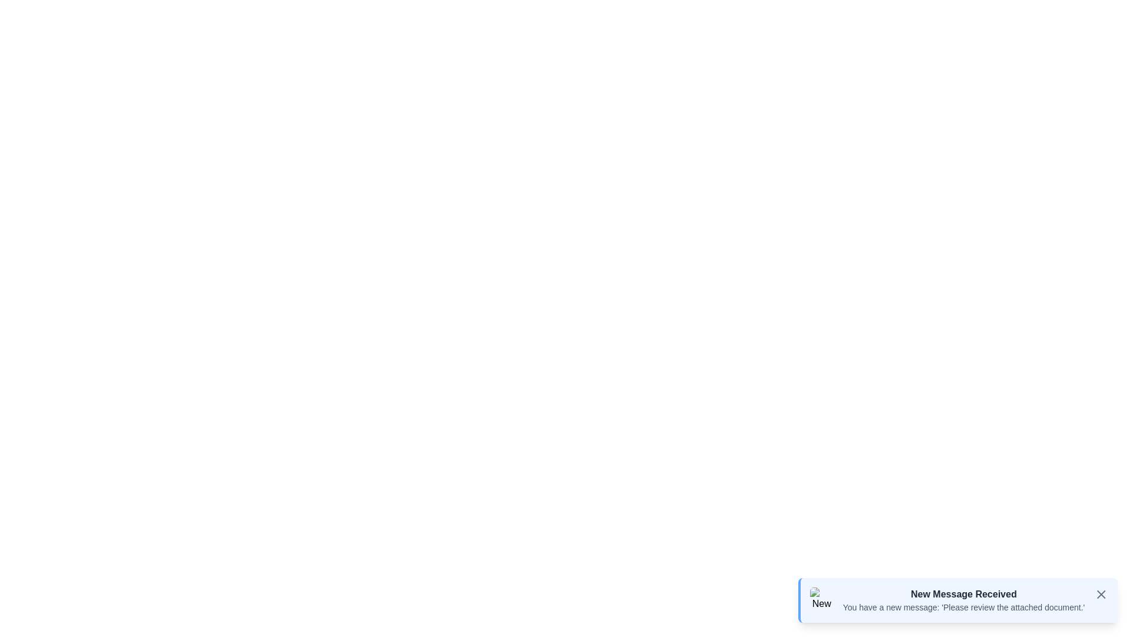 The image size is (1132, 637). I want to click on the text in the message area to enable copying or inspection, so click(842, 601).